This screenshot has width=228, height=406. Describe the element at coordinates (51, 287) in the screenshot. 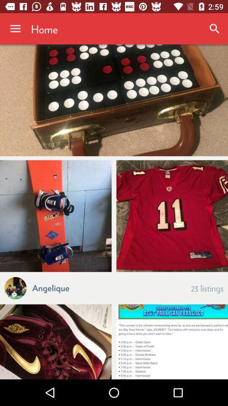

I see `angelique icon` at that location.